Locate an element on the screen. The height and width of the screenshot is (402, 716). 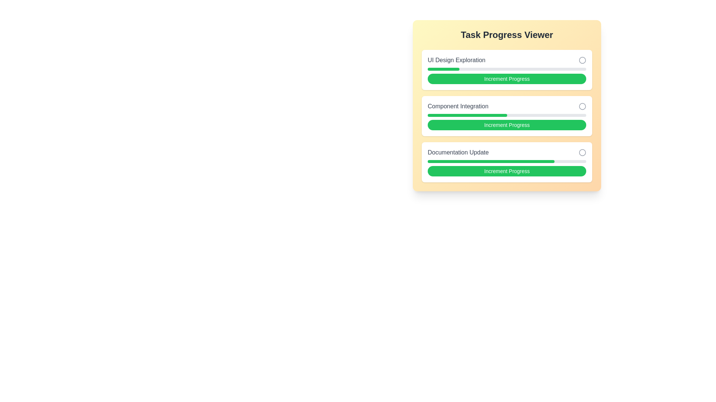
the Circle SVG component located in the 'Task Progress Viewer' section, adjacent to the progress bar of the 'Component Integration' task row is located at coordinates (582, 106).